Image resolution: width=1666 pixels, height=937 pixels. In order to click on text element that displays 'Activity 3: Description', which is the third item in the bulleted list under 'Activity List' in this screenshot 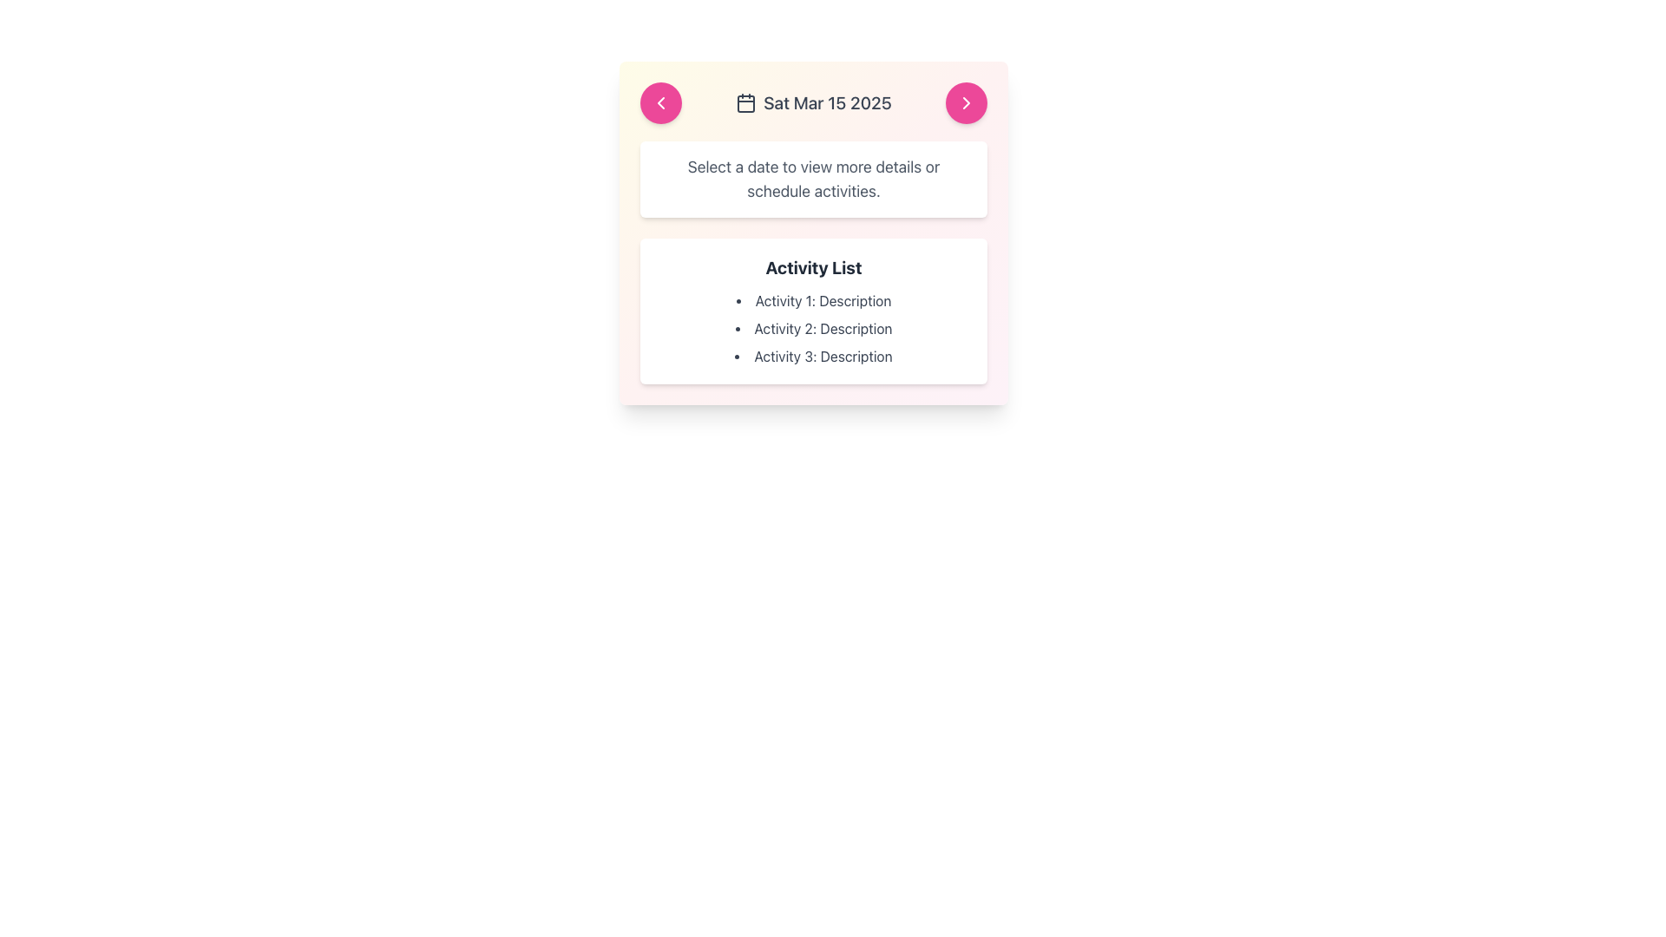, I will do `click(812, 356)`.